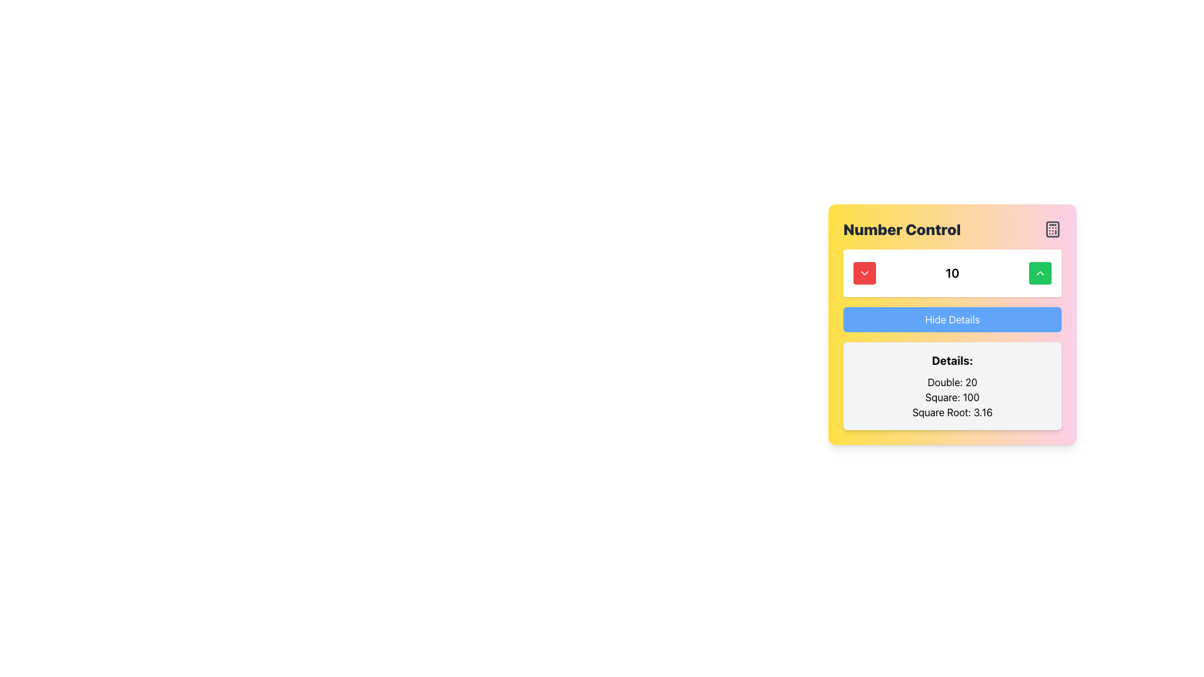  Describe the element at coordinates (952, 397) in the screenshot. I see `the informational text label that displays the square of the current number, located under the 'Details:' section, between 'Double: 20' and 'Square Root: 3.16'` at that location.